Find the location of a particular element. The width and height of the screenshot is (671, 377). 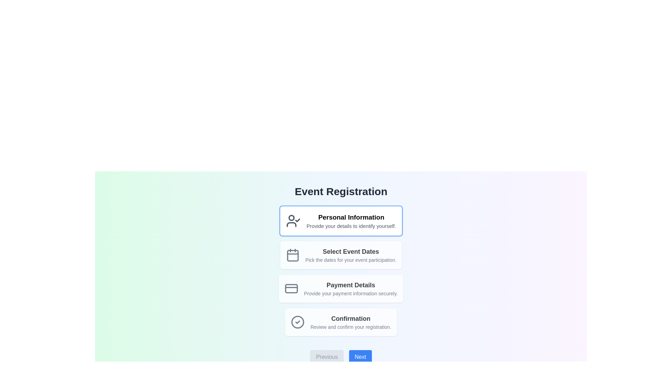

the informational card that serves as a section header for filling in payment details in the form, positioned as the third section in the vertically stacked list is located at coordinates (341, 288).